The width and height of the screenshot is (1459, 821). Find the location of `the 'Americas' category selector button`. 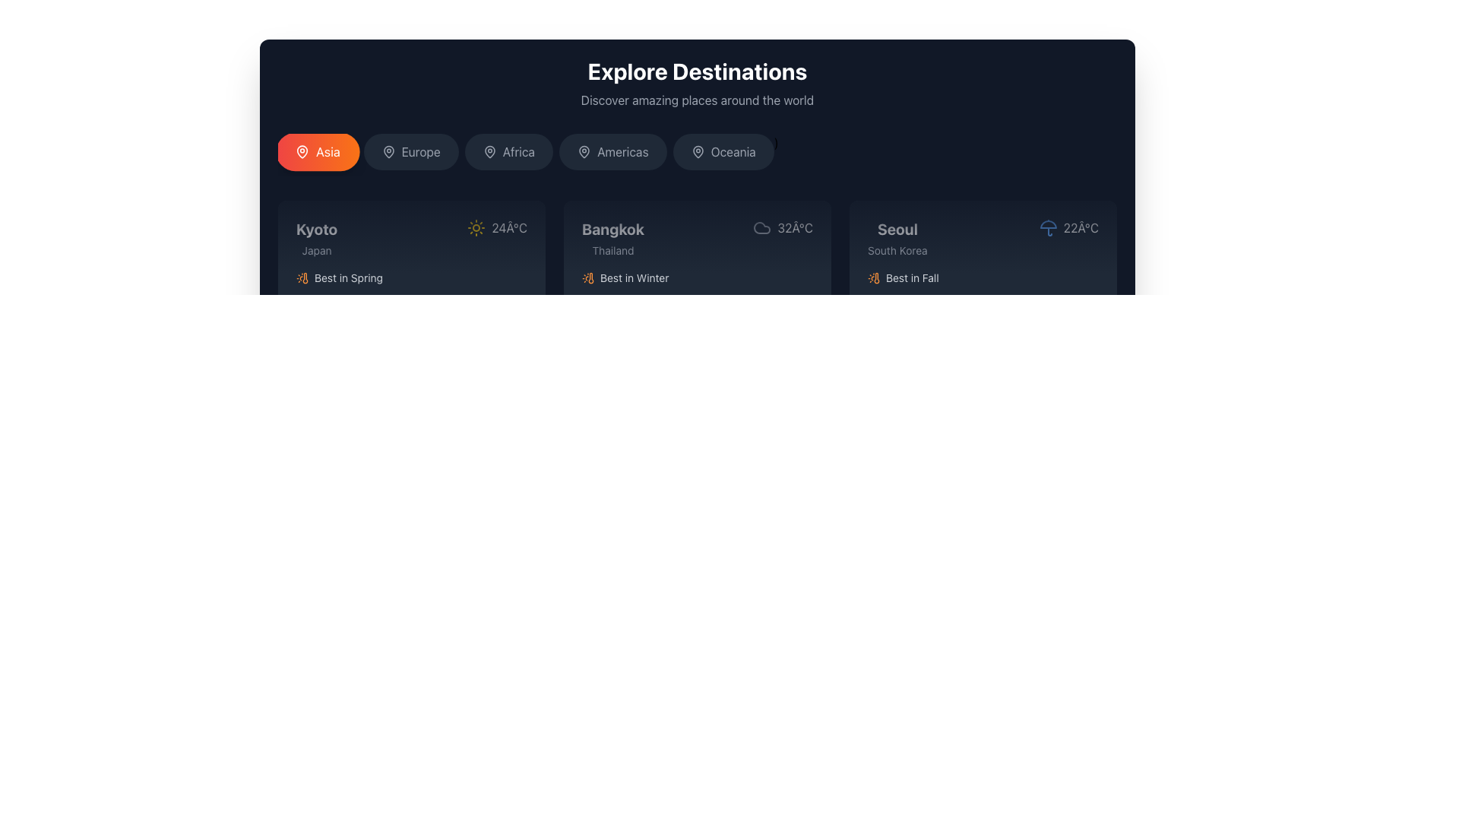

the 'Americas' category selector button is located at coordinates (612, 152).